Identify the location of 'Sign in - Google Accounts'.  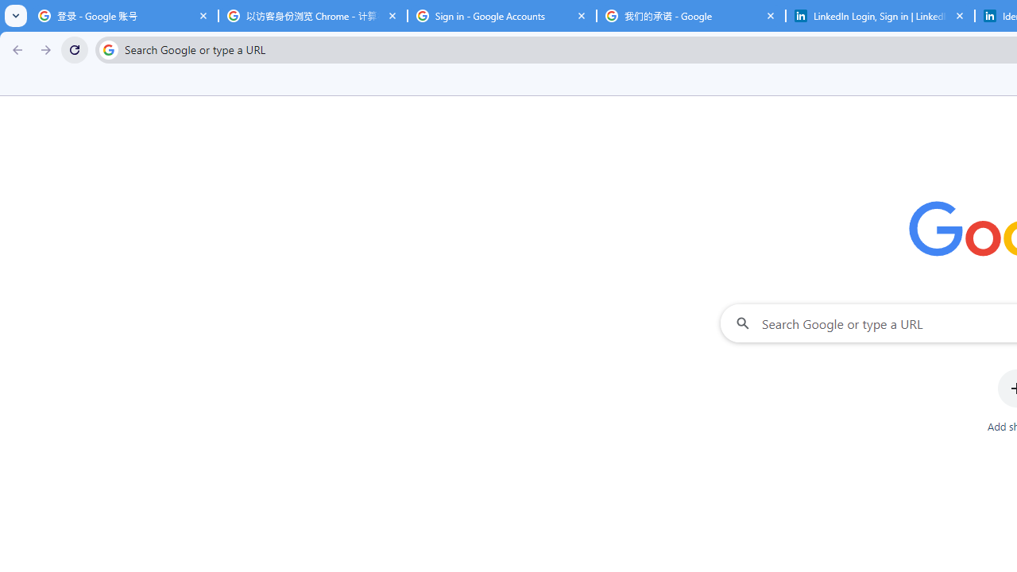
(501, 16).